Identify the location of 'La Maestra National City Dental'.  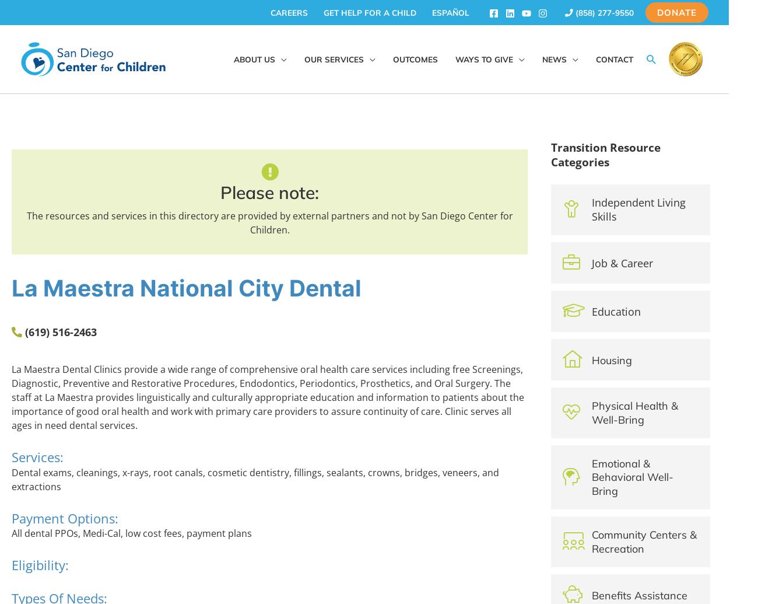
(187, 288).